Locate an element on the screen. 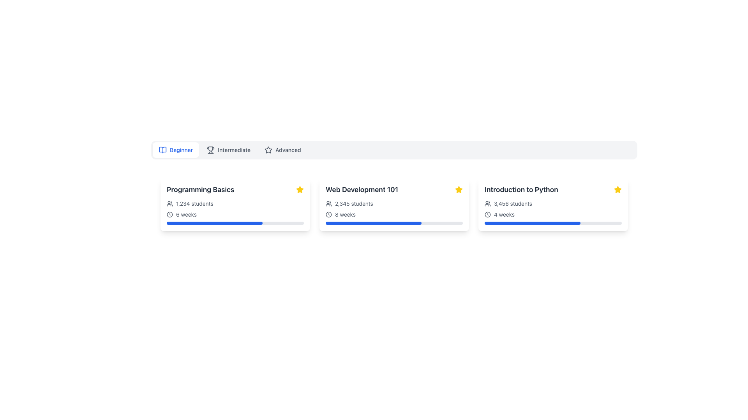 This screenshot has height=420, width=748. the open book icon, which is the first icon on the left in the horizontal navigation menu at the top-center of the webpage is located at coordinates (162, 150).